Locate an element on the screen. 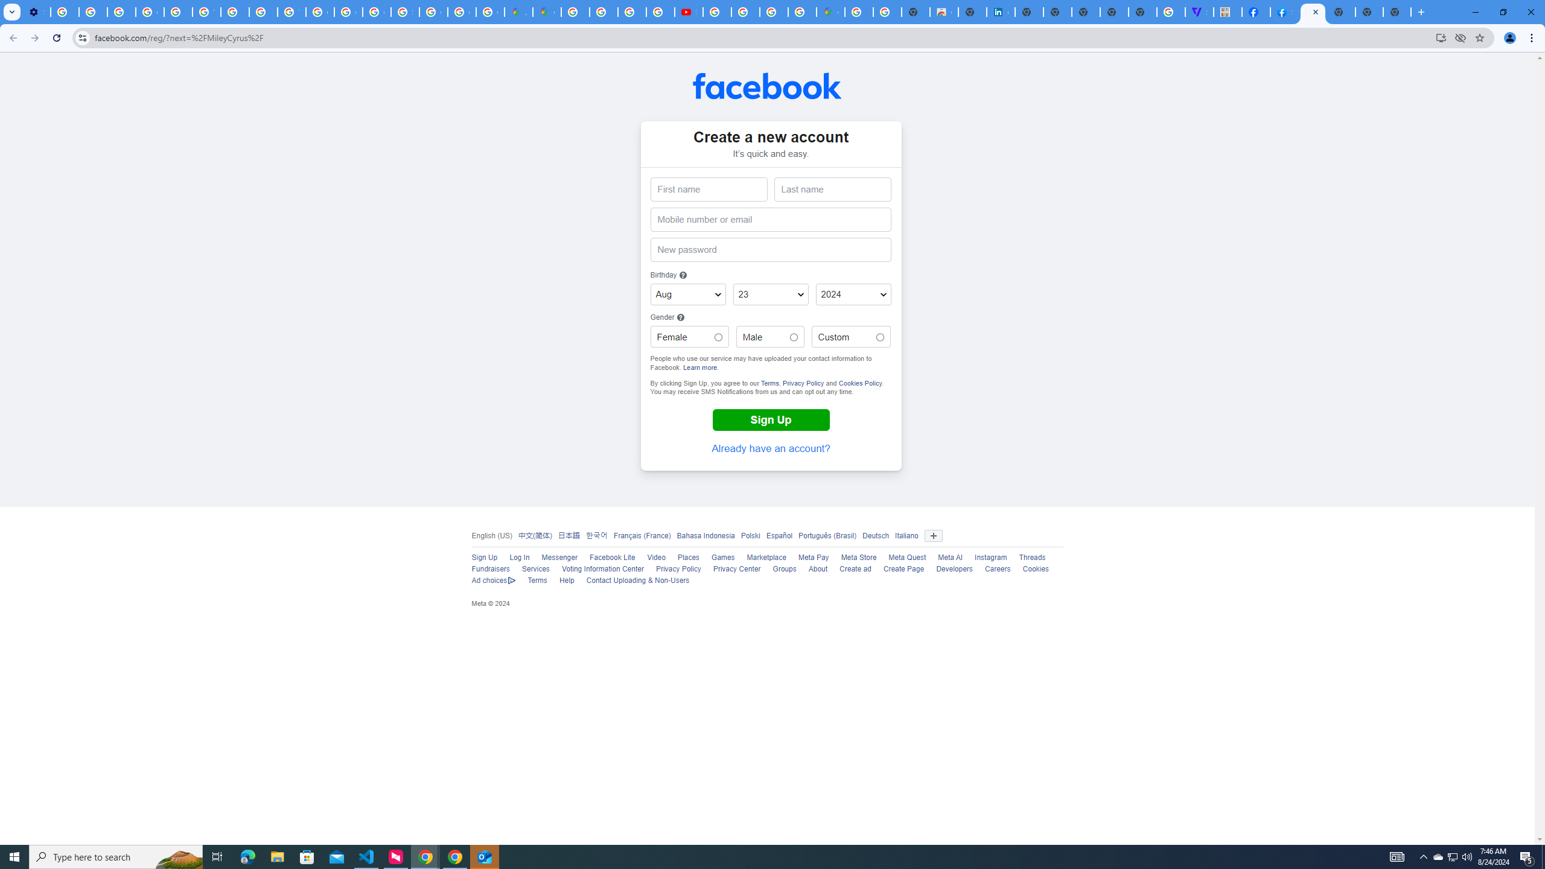 This screenshot has width=1545, height=869. 'Learn more' is located at coordinates (699, 367).